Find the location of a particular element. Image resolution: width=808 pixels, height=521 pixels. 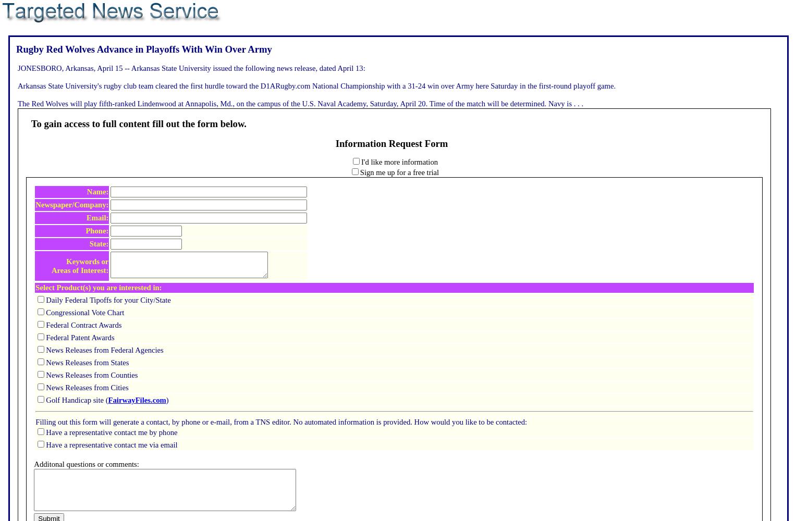

'News Releases from Federal Agencies' is located at coordinates (46, 350).